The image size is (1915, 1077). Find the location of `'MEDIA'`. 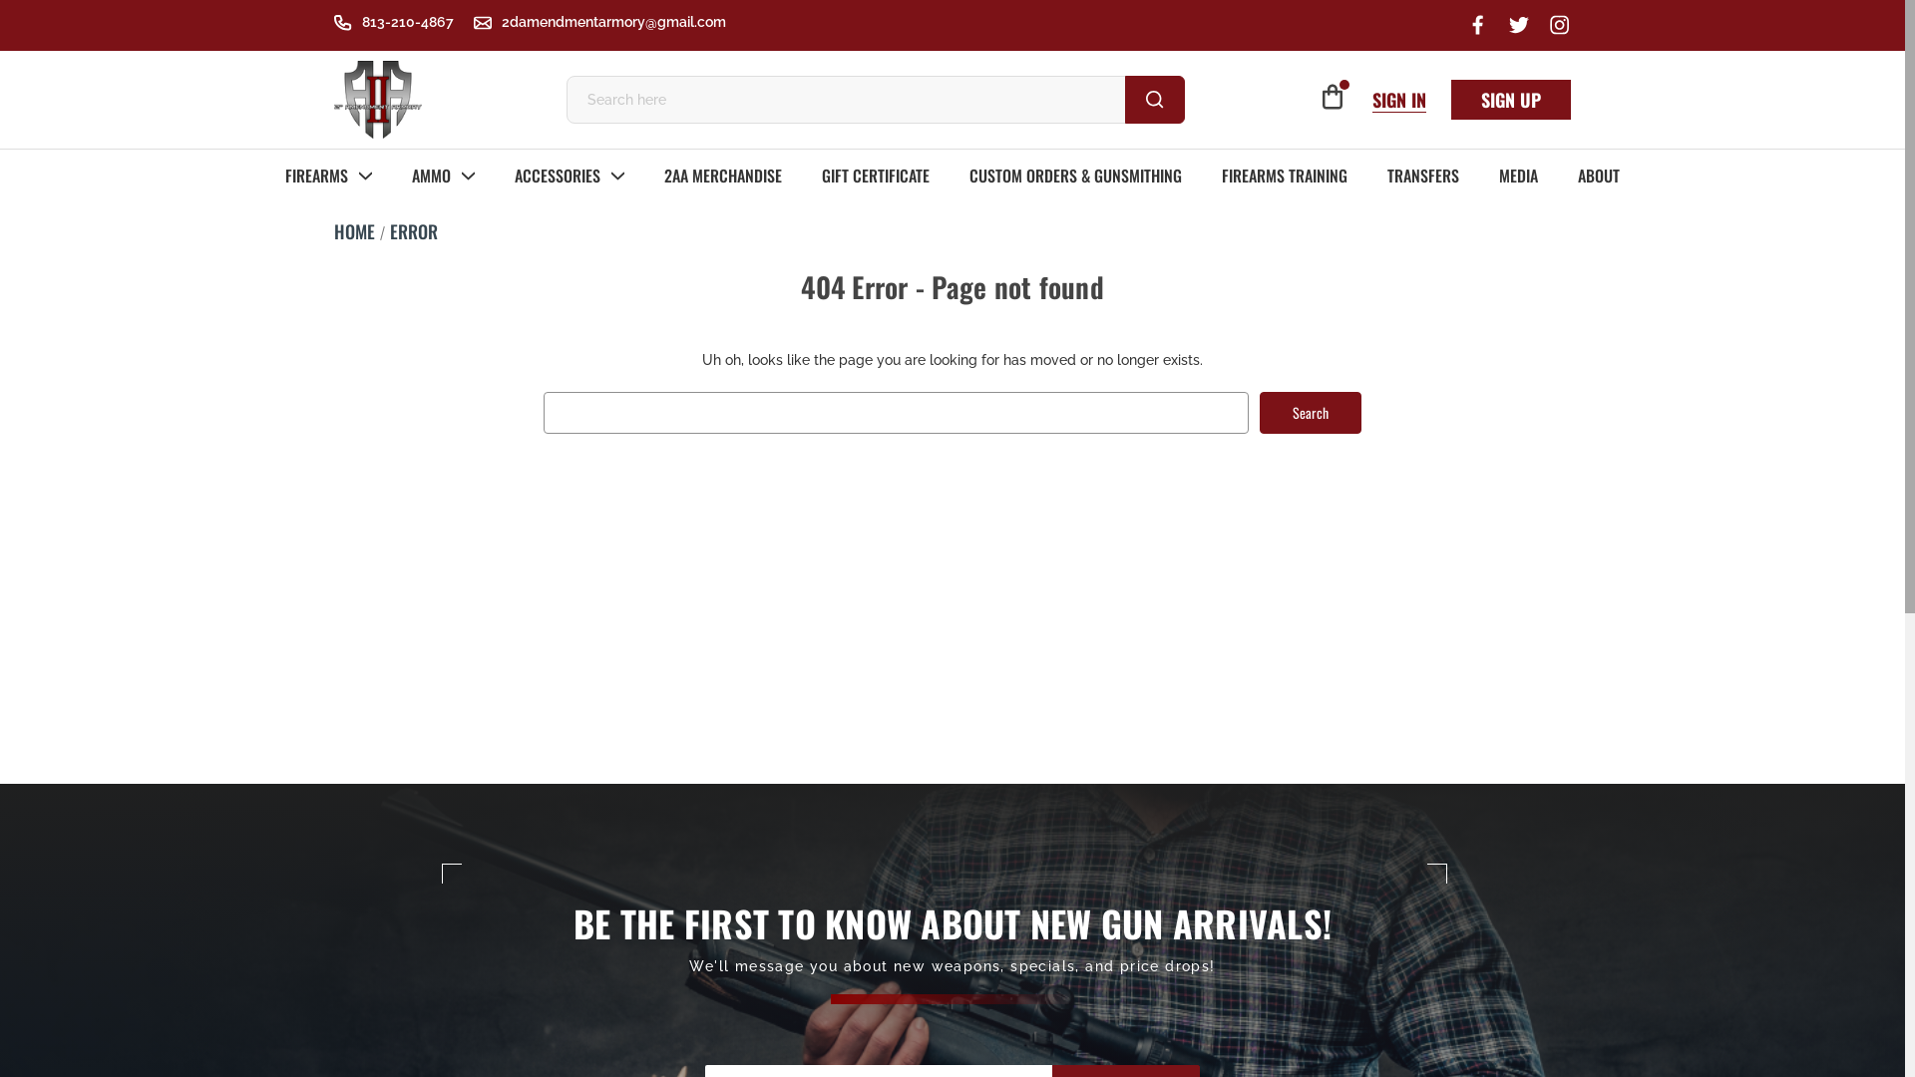

'MEDIA' is located at coordinates (1517, 175).